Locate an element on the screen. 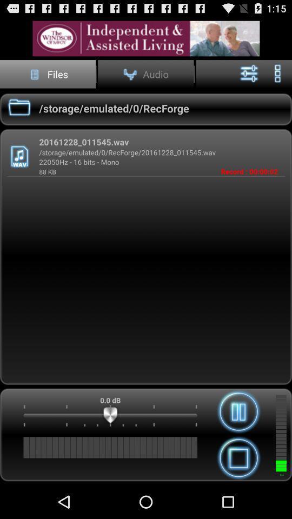 The image size is (292, 519). the pause icon is located at coordinates (238, 440).